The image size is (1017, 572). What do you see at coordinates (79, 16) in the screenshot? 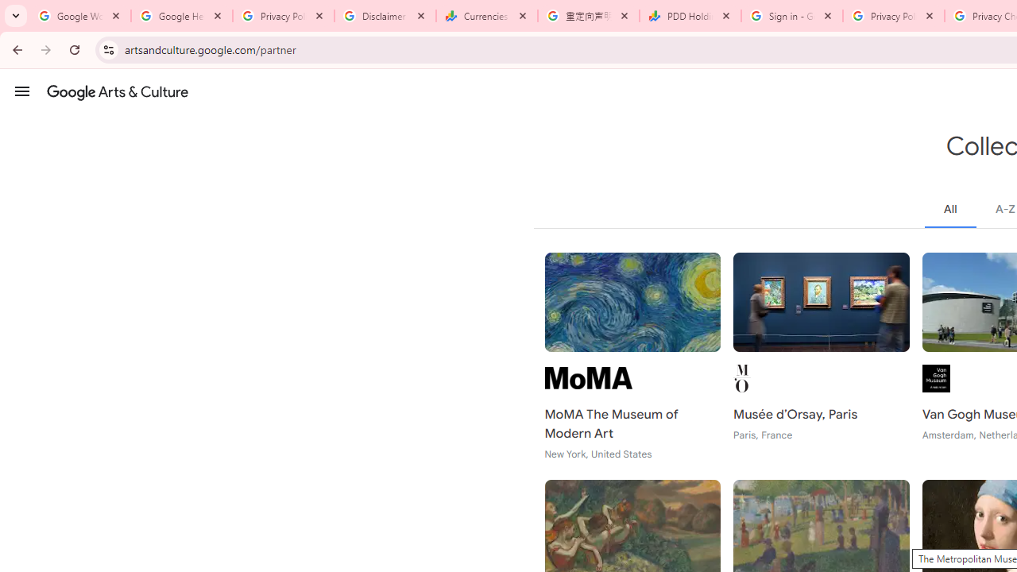
I see `'Google Workspace Admin Community'` at bounding box center [79, 16].